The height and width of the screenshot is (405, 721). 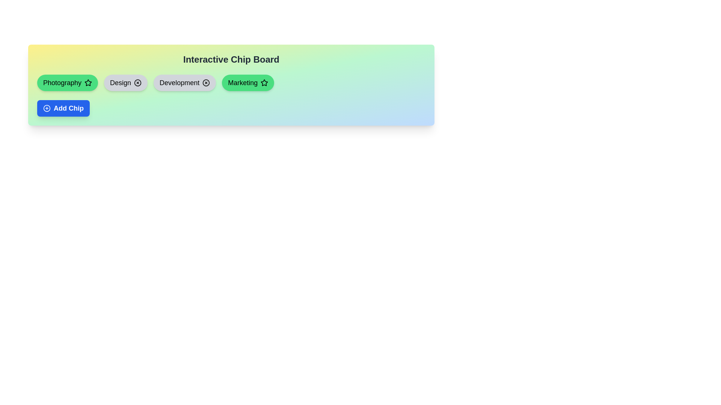 I want to click on the decorative icon positioned to the right of the 'Marketing' button within the green pill-shaped button, so click(x=264, y=82).